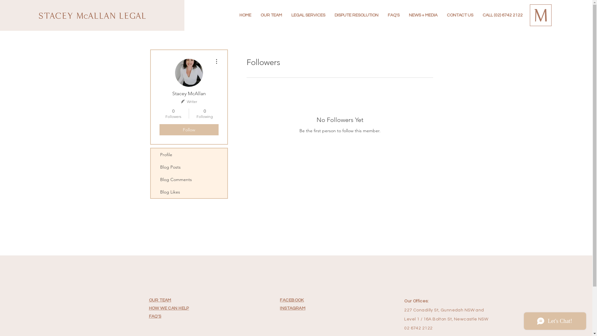  Describe the element at coordinates (423, 15) in the screenshot. I see `'NEWS + MEDIA'` at that location.